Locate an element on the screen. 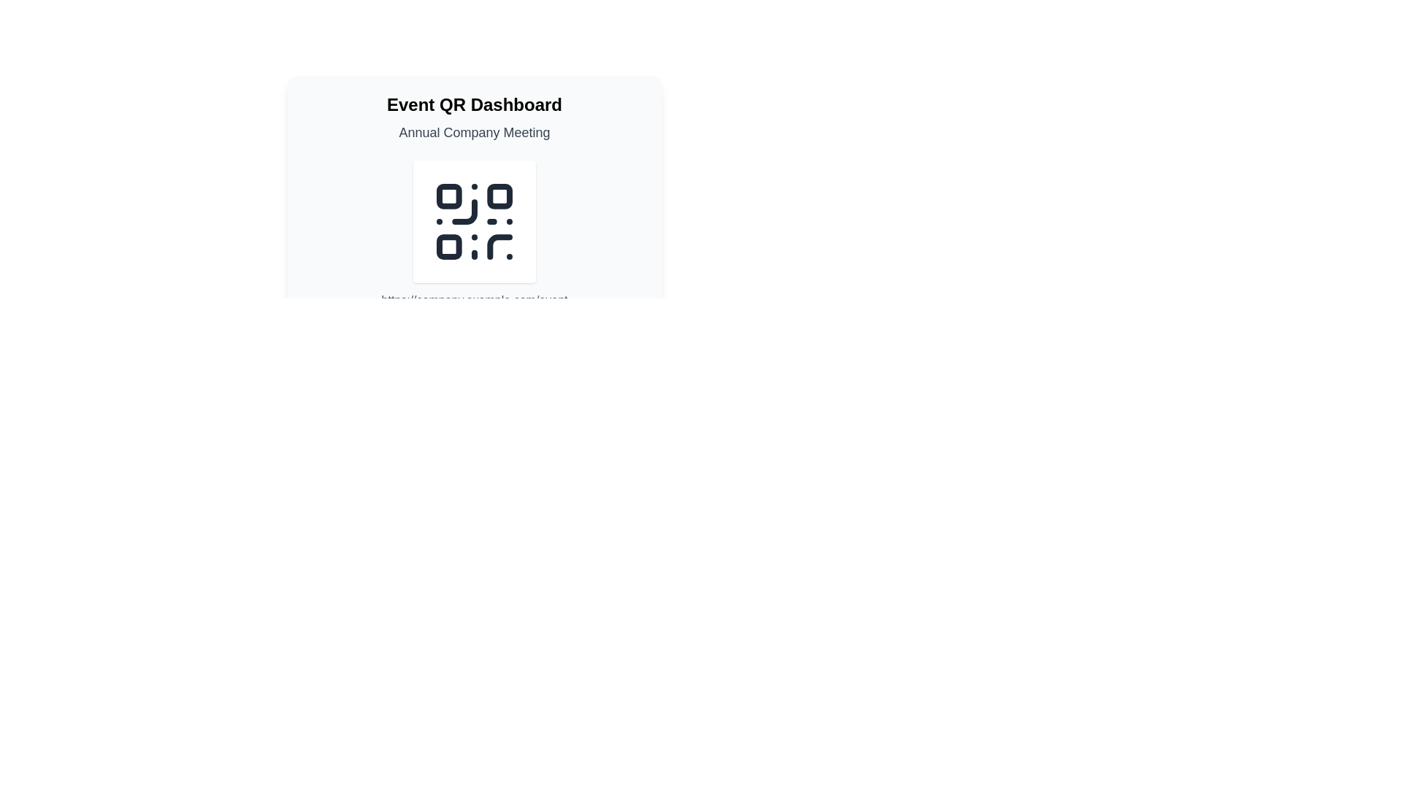 This screenshot has width=1402, height=788. the centrally positioned QR code element that is located below the title text 'Event QR Dashboard' and 'Annual Company Meeting', and above the text 'https://company.example.com/event' is located at coordinates (474, 233).